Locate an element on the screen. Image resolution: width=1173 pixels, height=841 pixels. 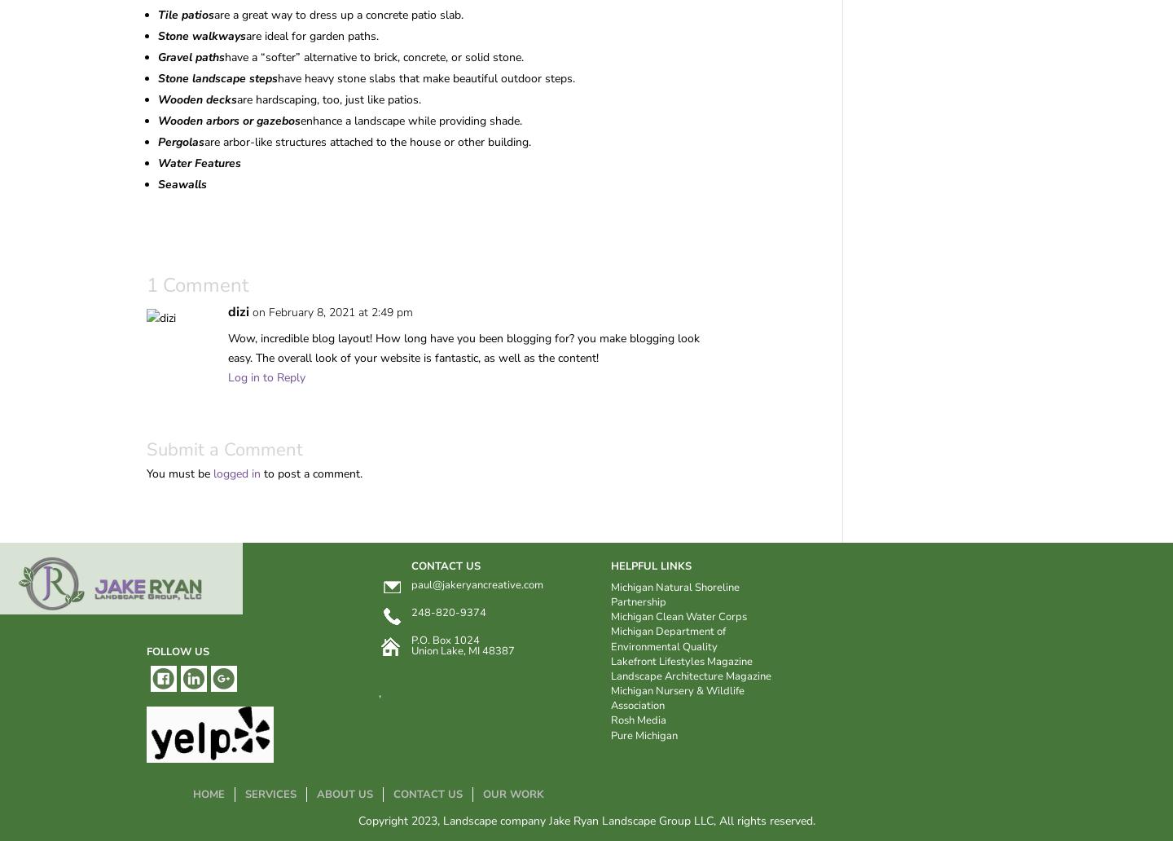
'Copyright 2023, Landscape company Jake Ryan Landscape Group LLC, All rights reserved.' is located at coordinates (358, 820).